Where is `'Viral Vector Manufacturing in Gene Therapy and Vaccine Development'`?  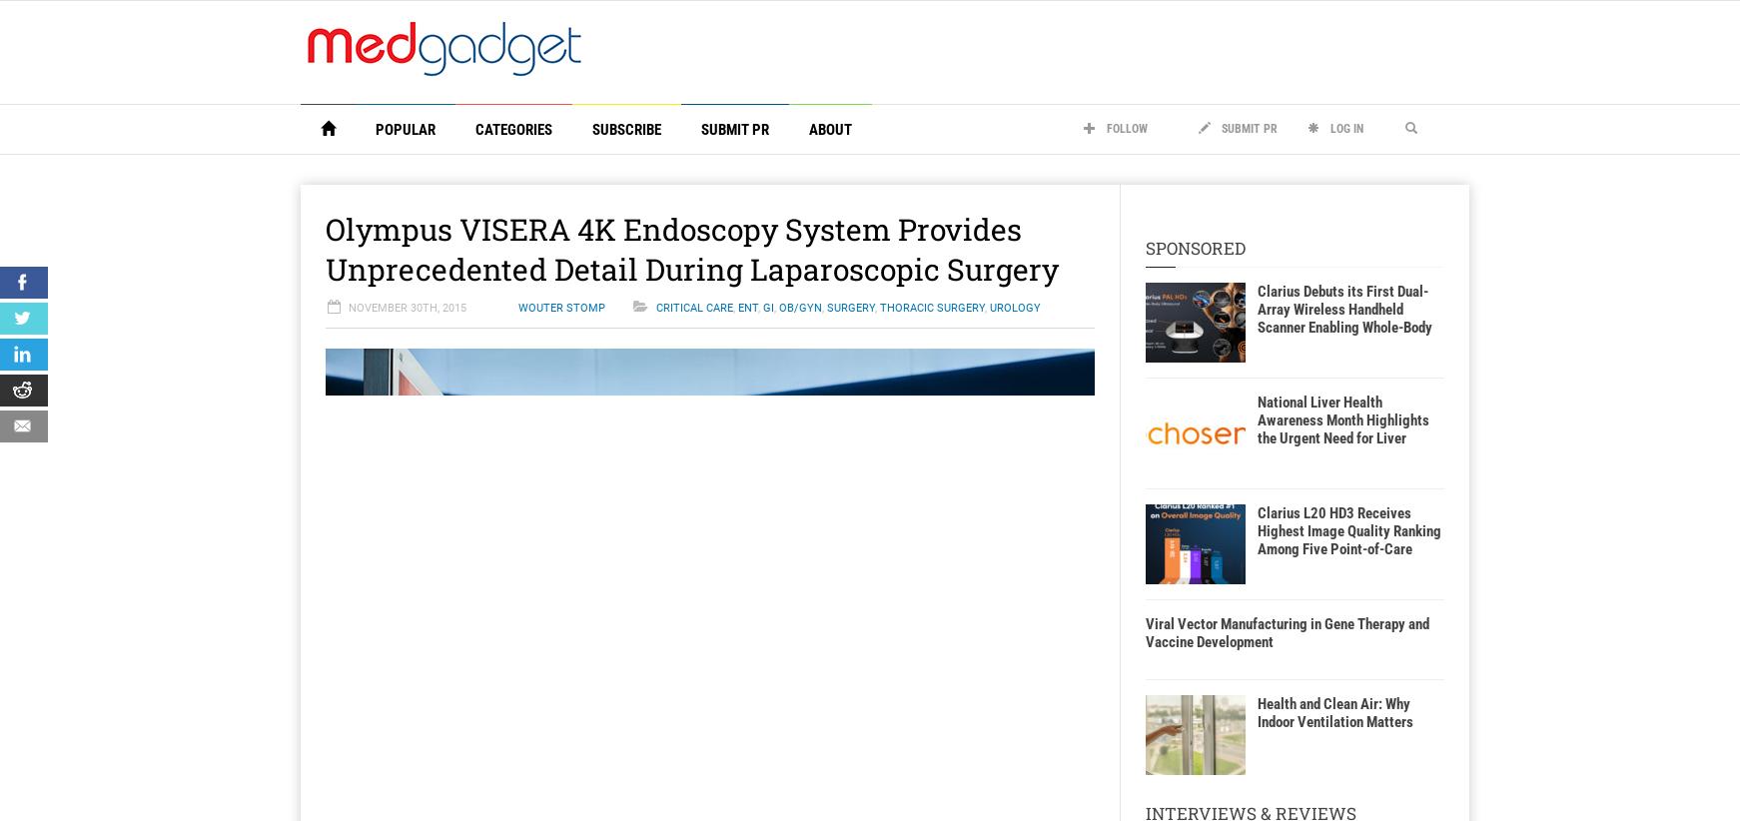
'Viral Vector Manufacturing in Gene Therapy and Vaccine Development' is located at coordinates (1287, 633).